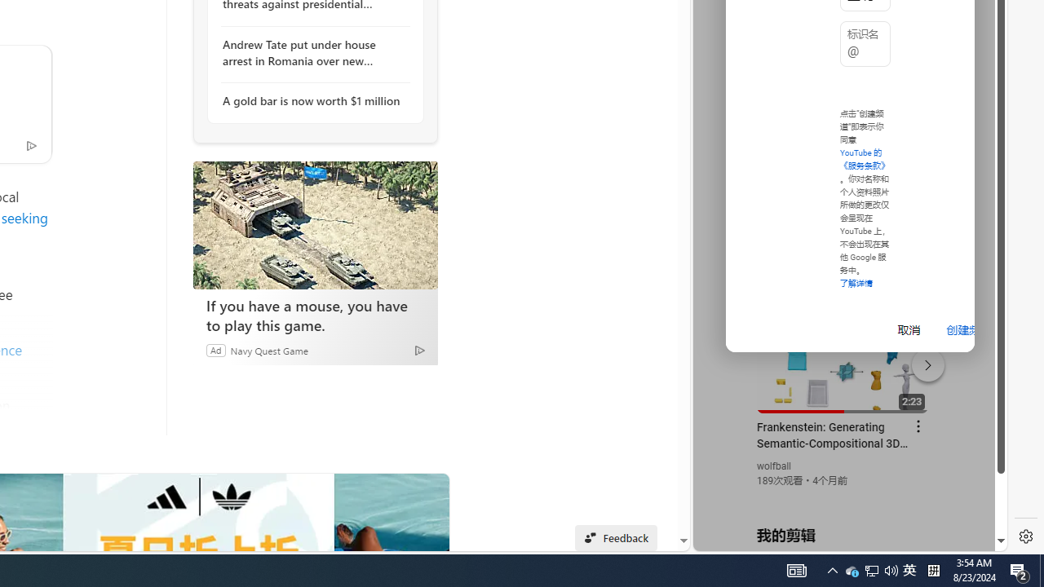 This screenshot has width=1044, height=587. What do you see at coordinates (773, 466) in the screenshot?
I see `'wolfball'` at bounding box center [773, 466].